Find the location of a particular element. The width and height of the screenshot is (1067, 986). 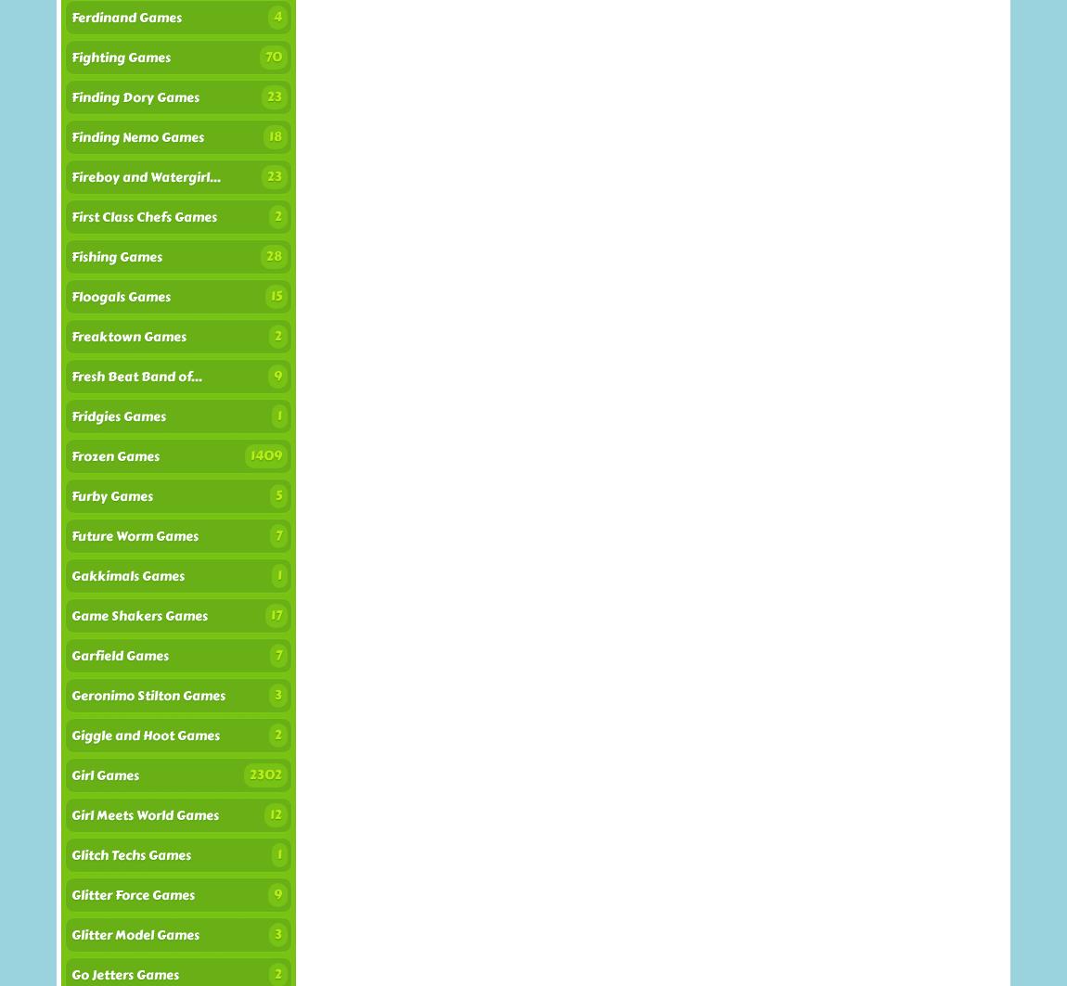

'Garfield Games' is located at coordinates (119, 655).